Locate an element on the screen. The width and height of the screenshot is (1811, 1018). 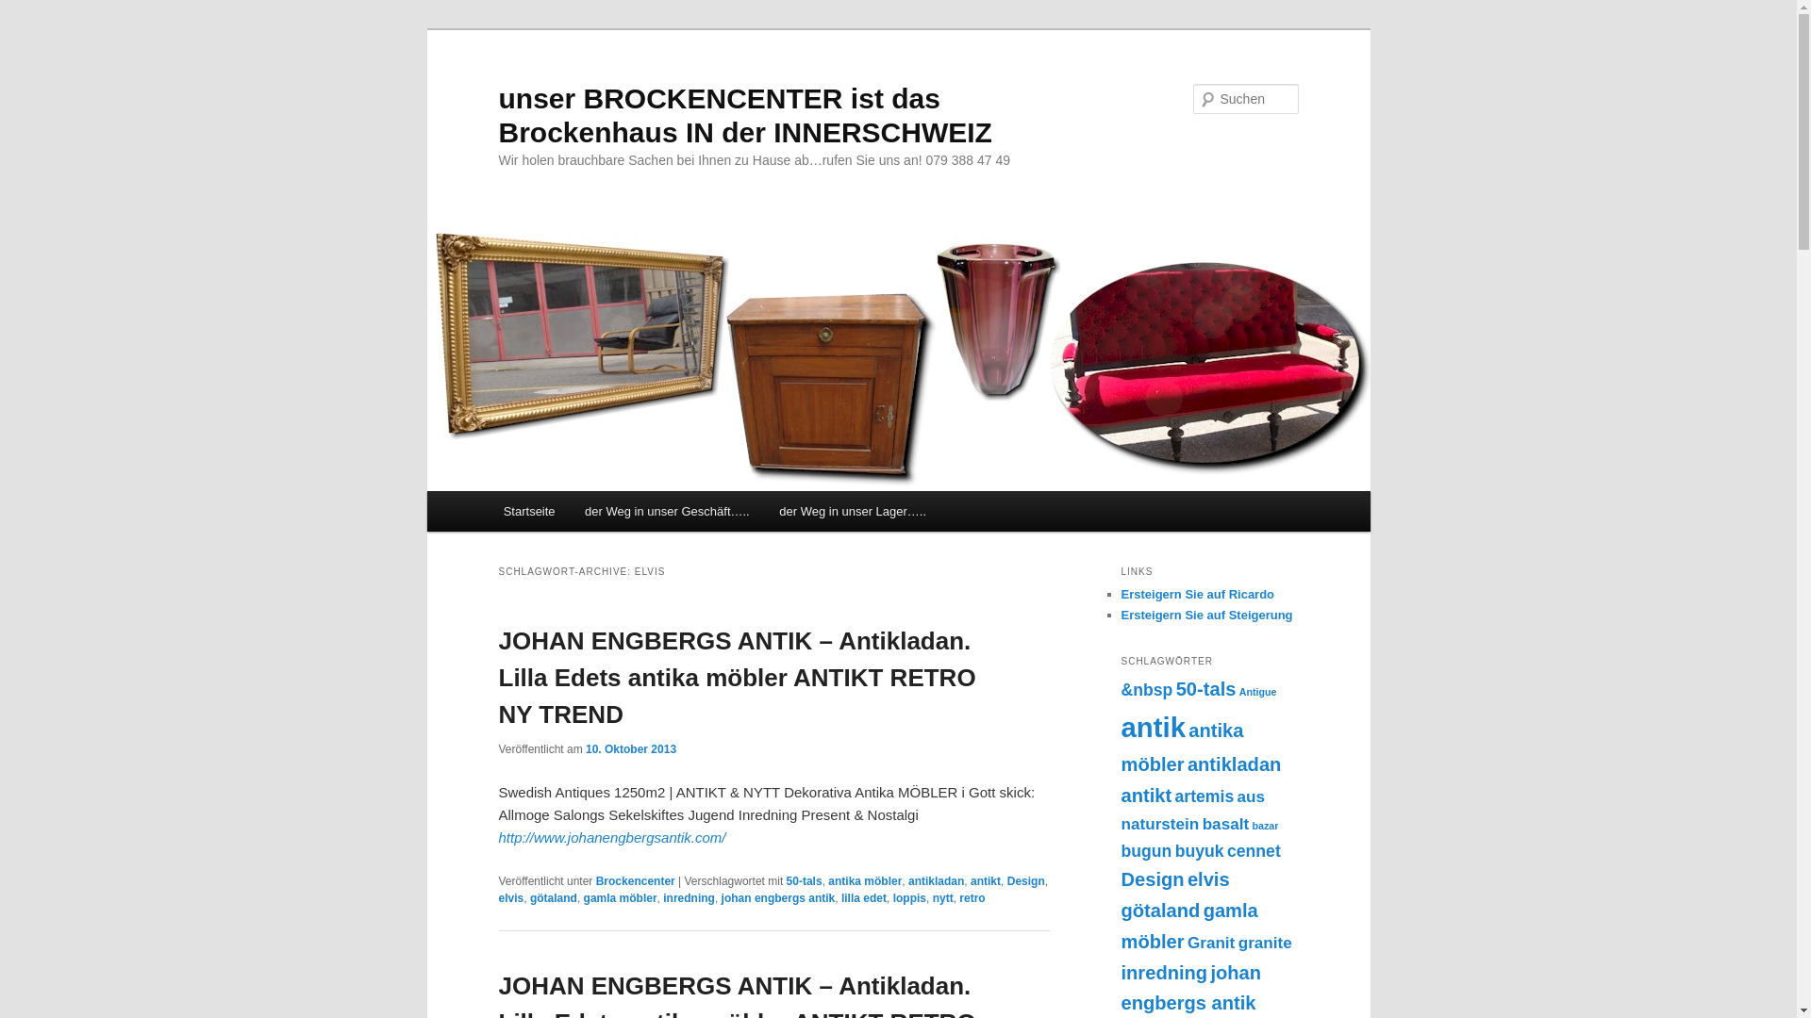
'nytt' is located at coordinates (942, 896).